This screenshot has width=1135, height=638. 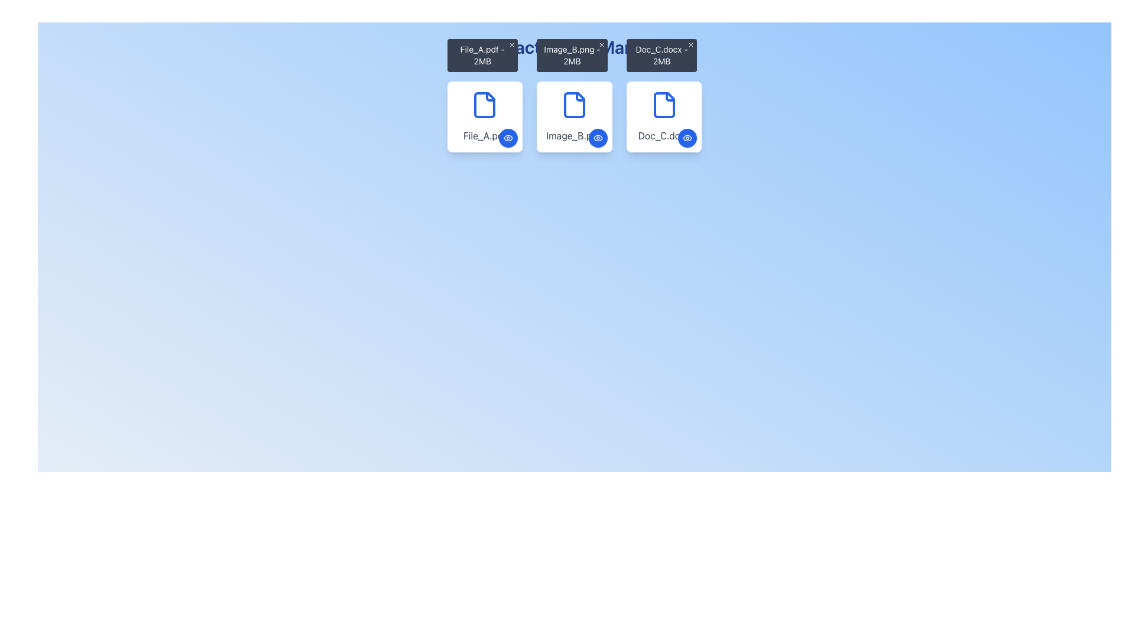 I want to click on the close button represented by a white 'X' icon, so click(x=601, y=44).